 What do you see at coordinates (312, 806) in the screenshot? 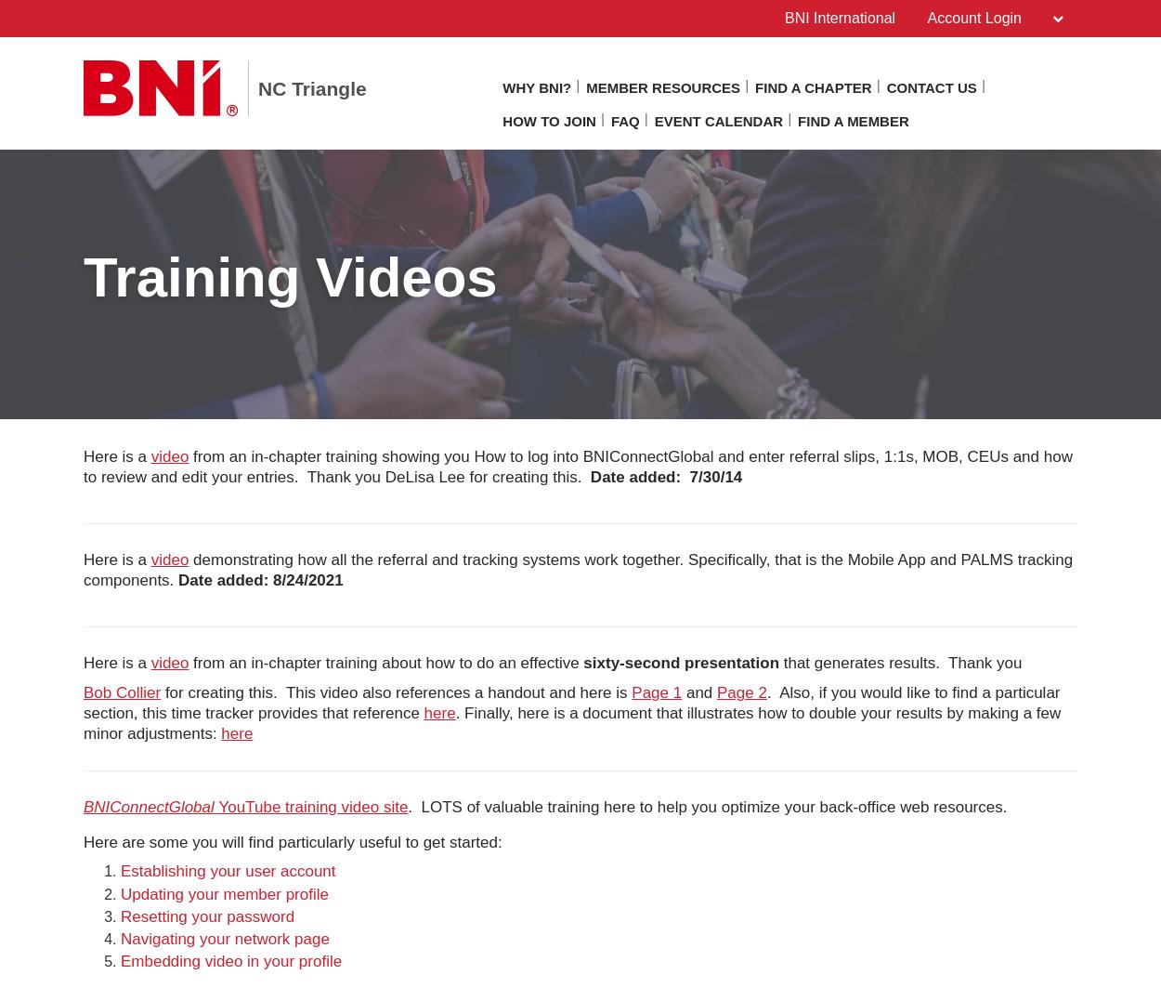
I see `'YouTube training video site'` at bounding box center [312, 806].